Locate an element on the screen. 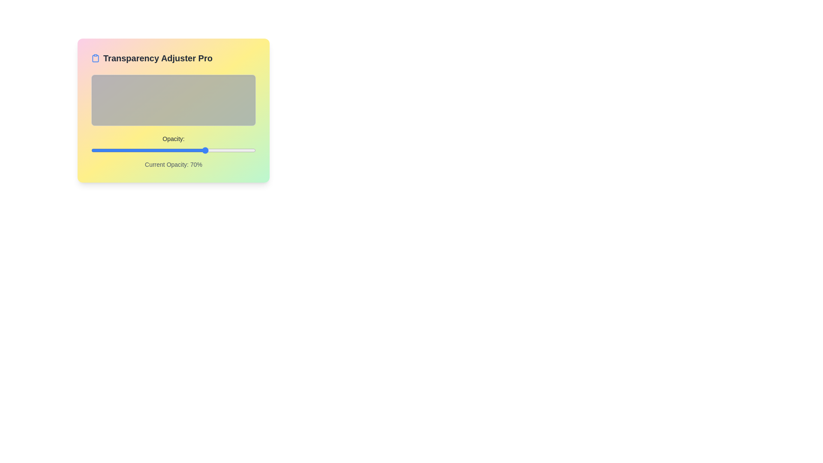 The width and height of the screenshot is (823, 463). the opacity slider to 44% is located at coordinates (163, 150).